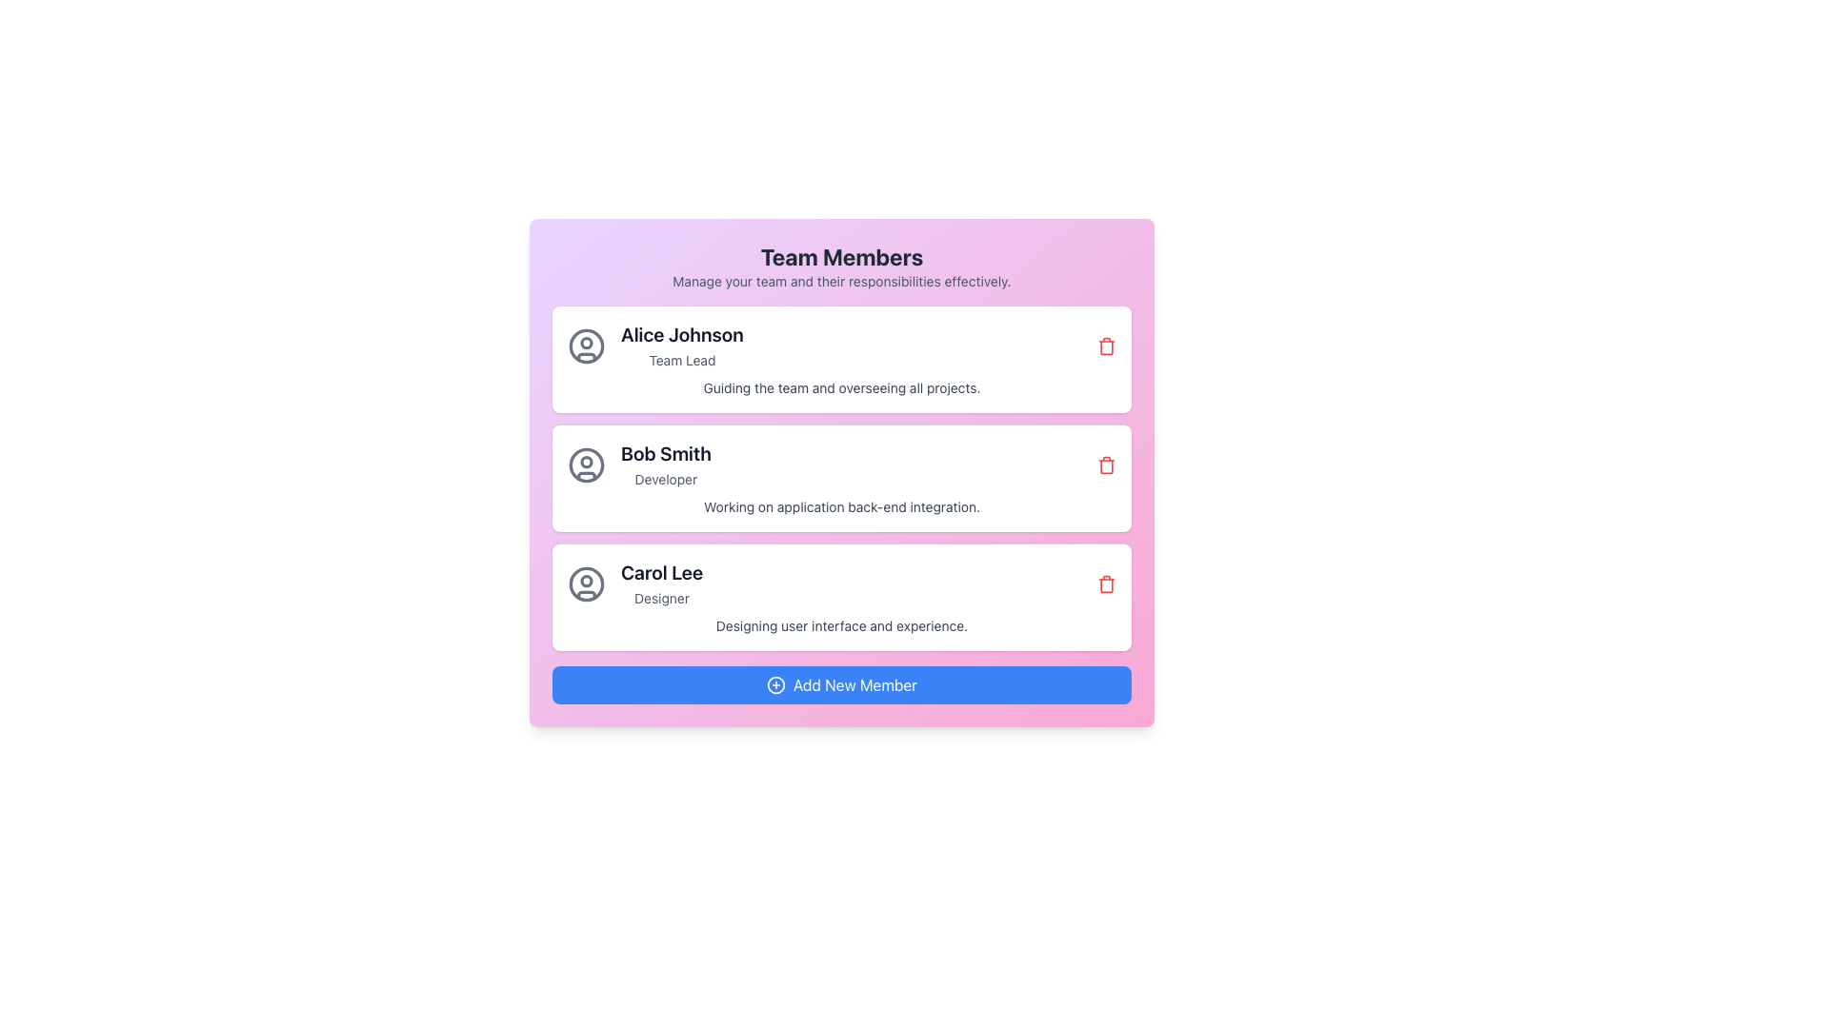 The image size is (1829, 1028). Describe the element at coordinates (585, 341) in the screenshot. I see `the SVG circle representing the user's head in the profile icon for Alice Johnson located in the top-left corner of the first card` at that location.